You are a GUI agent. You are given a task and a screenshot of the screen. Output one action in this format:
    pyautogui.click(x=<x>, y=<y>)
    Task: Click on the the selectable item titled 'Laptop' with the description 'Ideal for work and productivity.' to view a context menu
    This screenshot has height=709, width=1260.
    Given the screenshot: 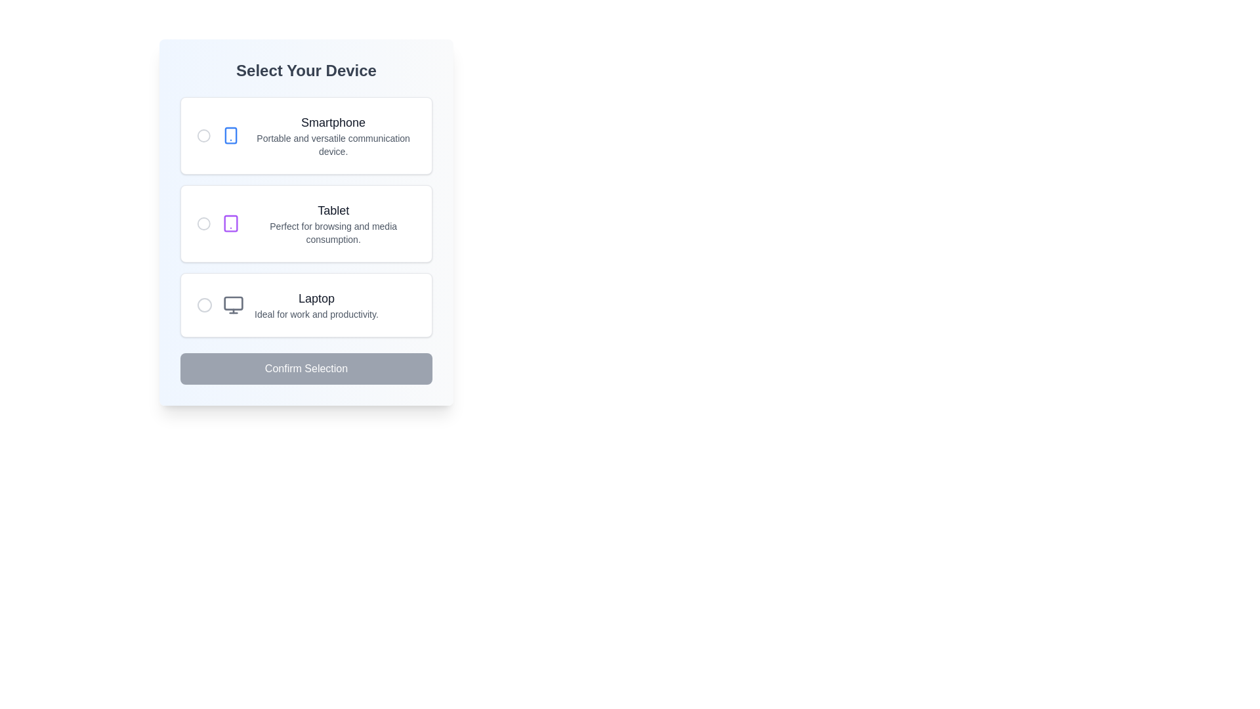 What is the action you would take?
    pyautogui.click(x=300, y=305)
    